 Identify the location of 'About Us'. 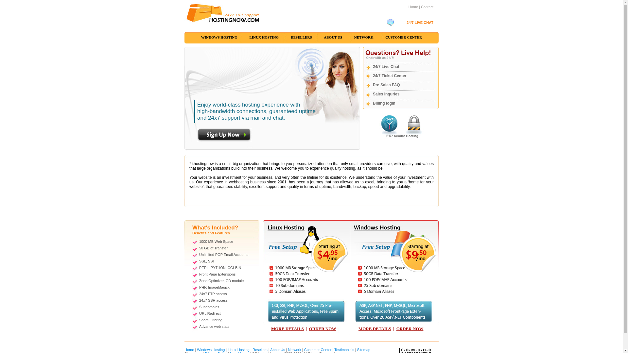
(277, 349).